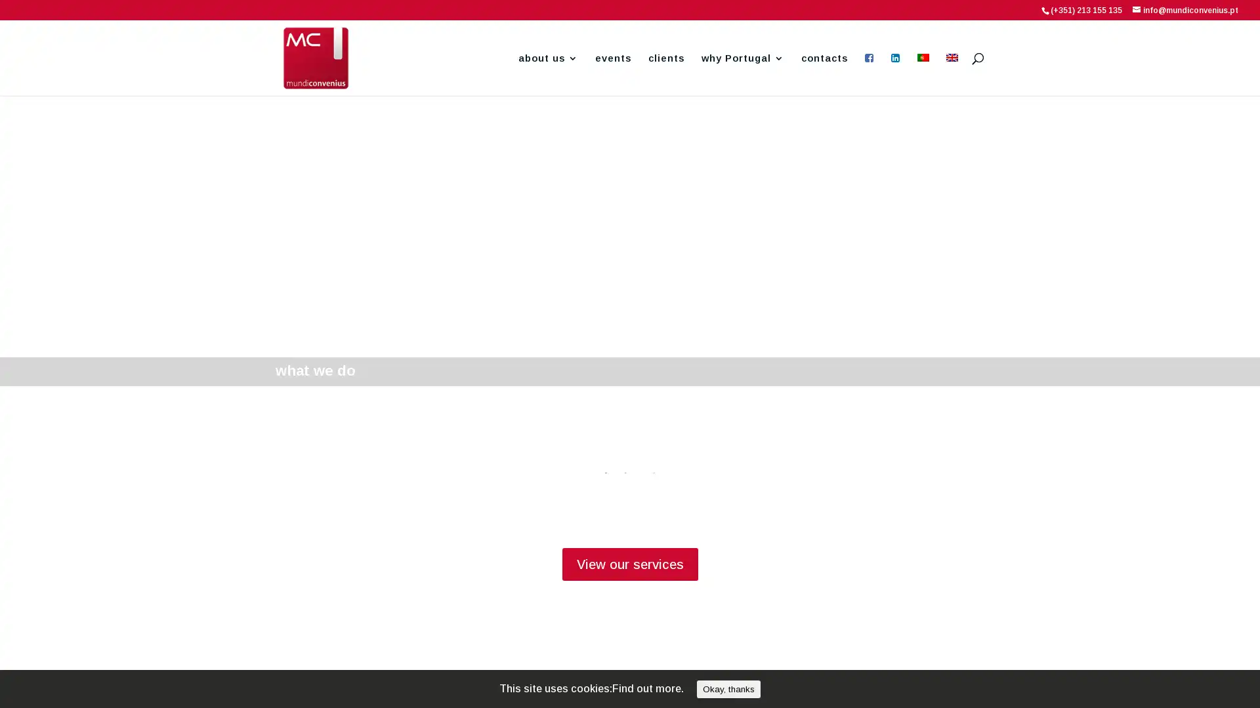 Image resolution: width=1260 pixels, height=708 pixels. I want to click on Okay, thanks, so click(728, 688).